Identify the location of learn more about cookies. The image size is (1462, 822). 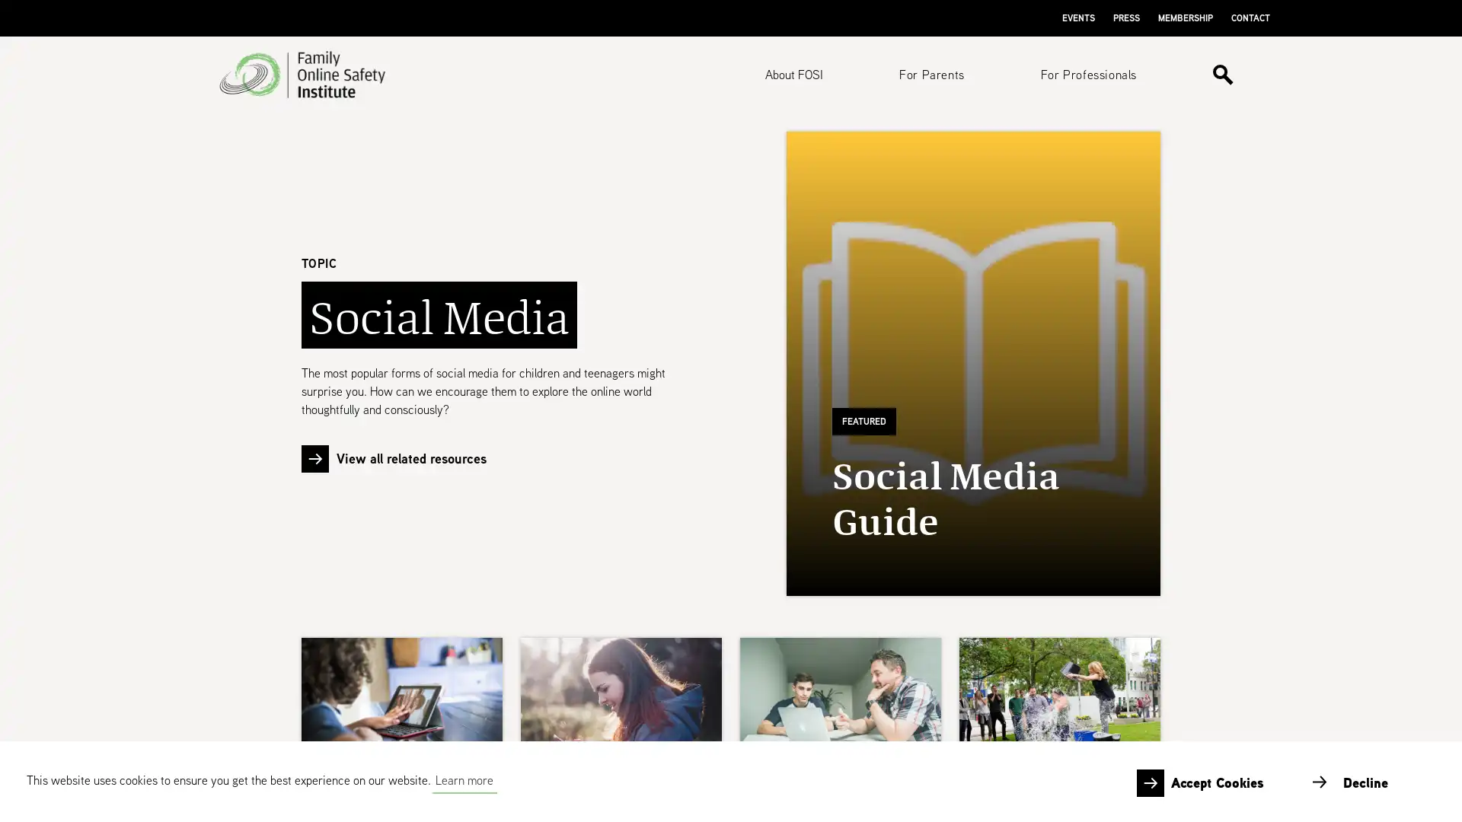
(464, 781).